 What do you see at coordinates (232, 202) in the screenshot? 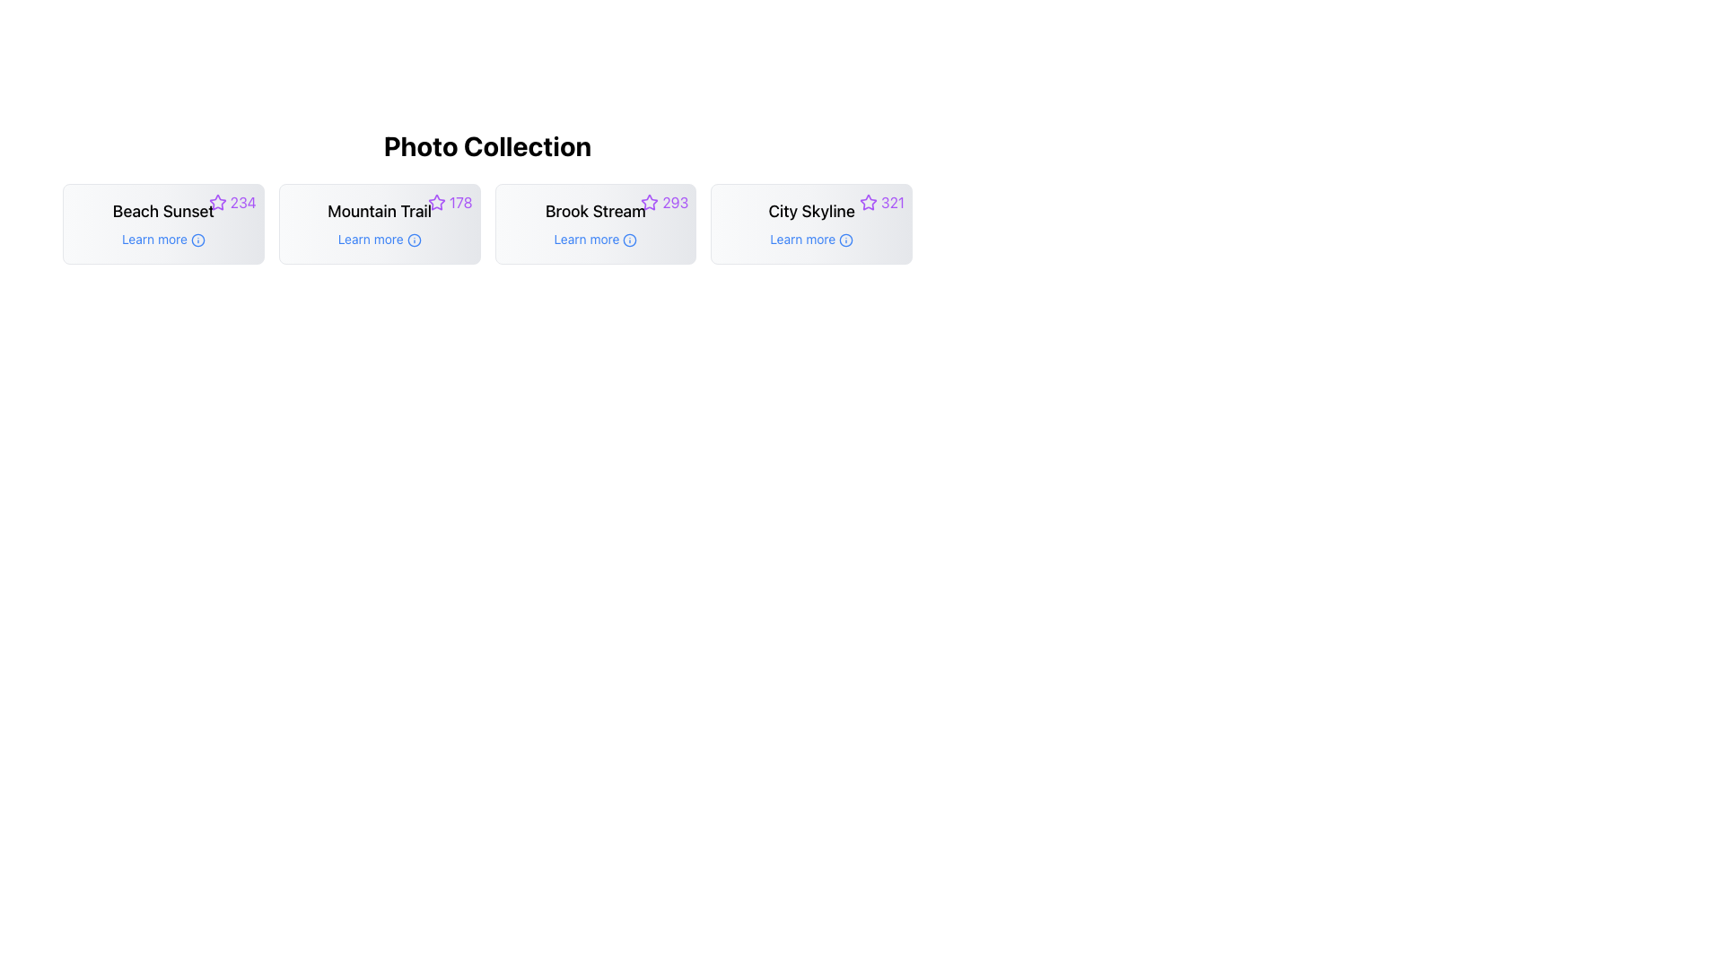
I see `the purple star icon with the adjacent number '234' located at the top-right corner of the 'Beach Sunset' card` at bounding box center [232, 202].